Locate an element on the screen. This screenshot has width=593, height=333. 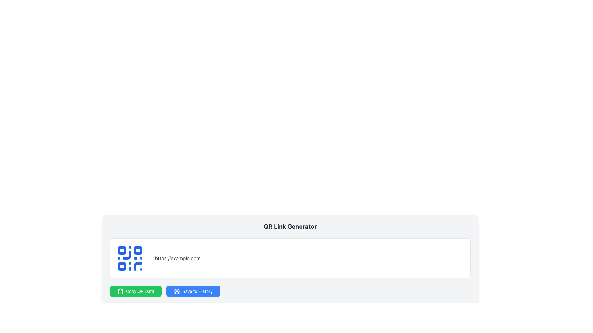
the second button from the left in the horizontal group of buttons at the bottom of the interface is located at coordinates (193, 291).